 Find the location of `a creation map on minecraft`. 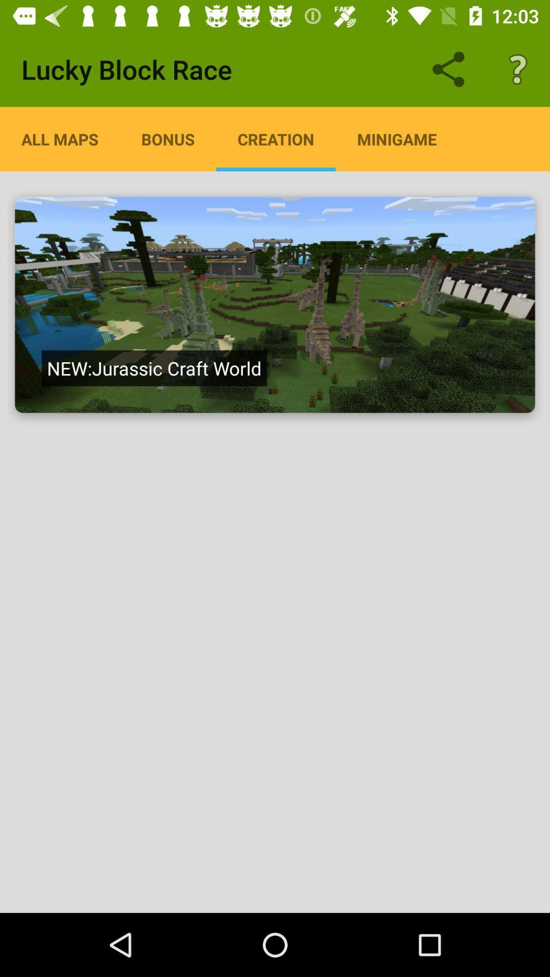

a creation map on minecraft is located at coordinates (275, 304).